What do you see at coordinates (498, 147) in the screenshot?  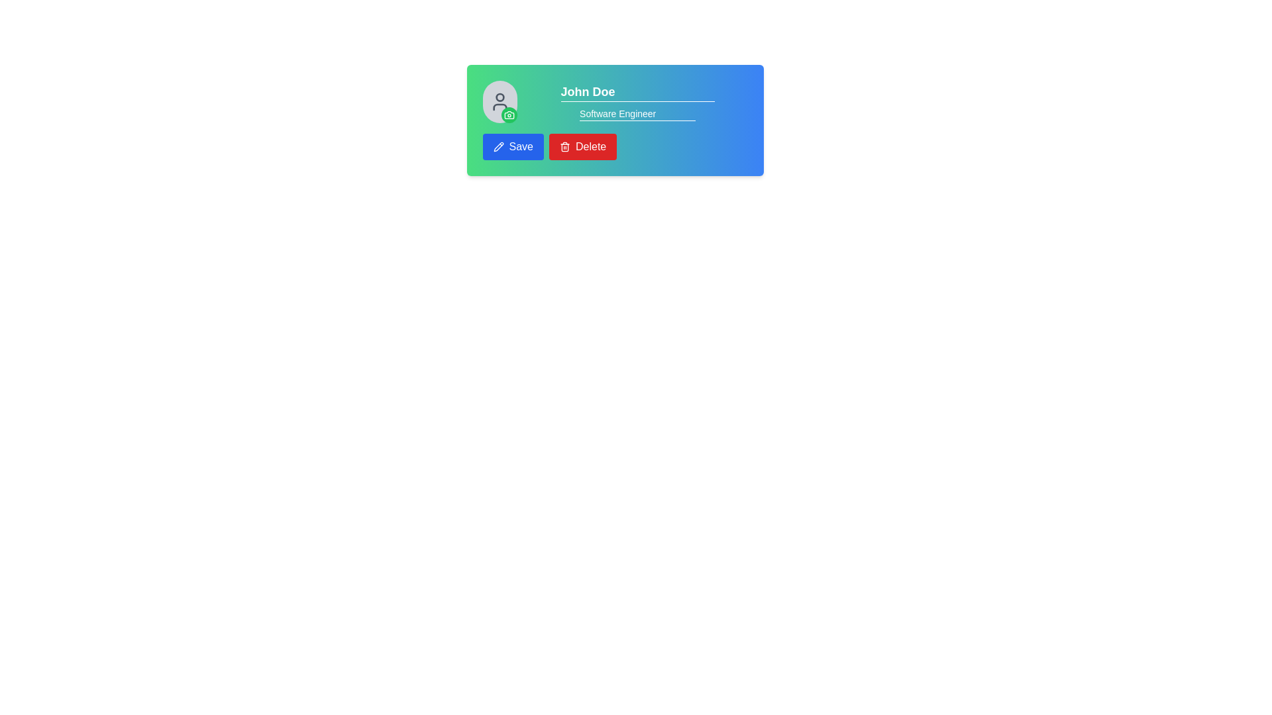 I see `the pencil icon within the 'Save' button located at the bottom-left area of the card interface` at bounding box center [498, 147].